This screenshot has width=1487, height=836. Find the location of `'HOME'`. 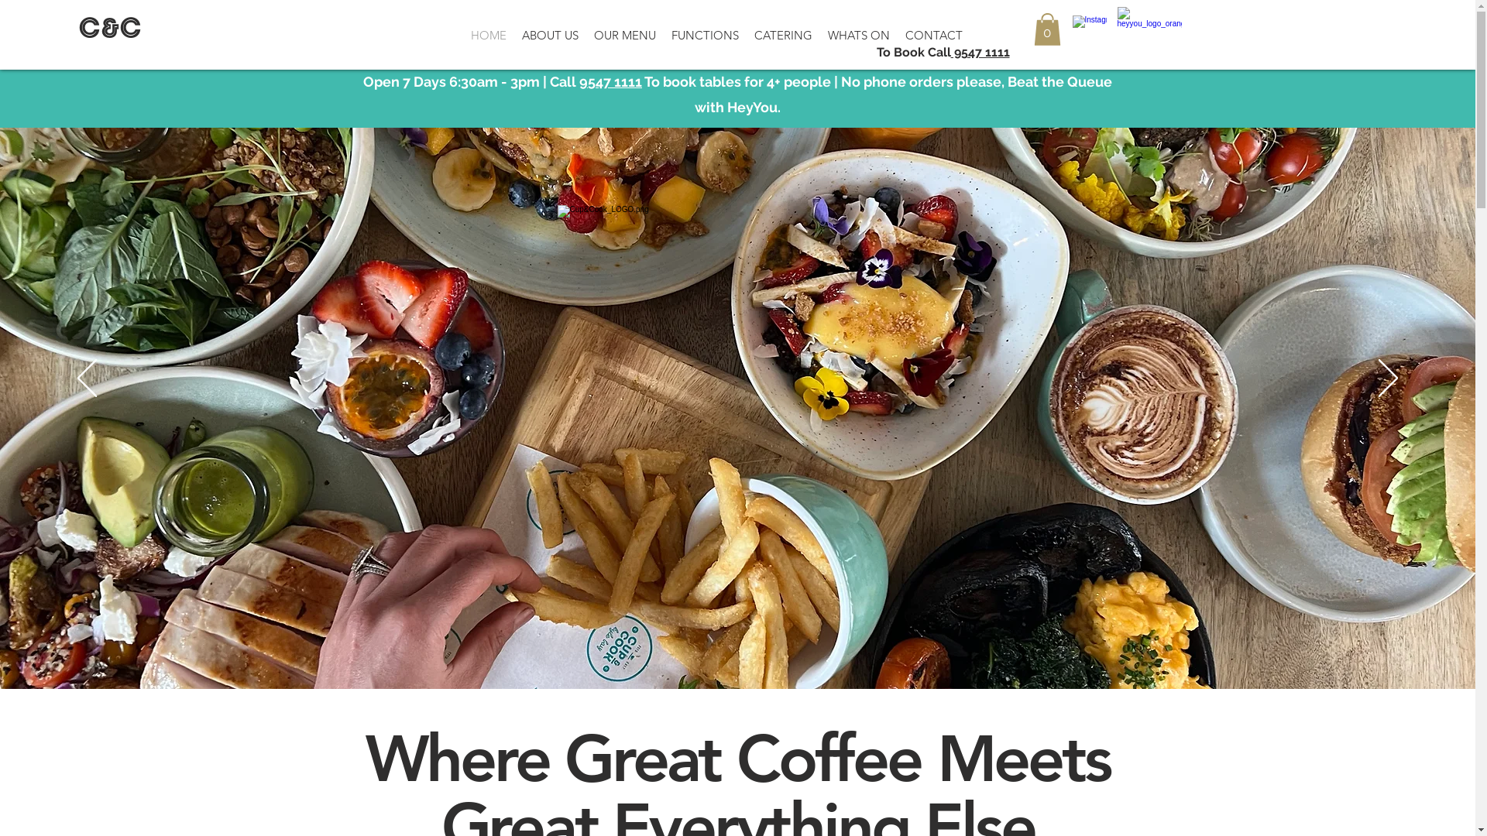

'HOME' is located at coordinates (487, 35).